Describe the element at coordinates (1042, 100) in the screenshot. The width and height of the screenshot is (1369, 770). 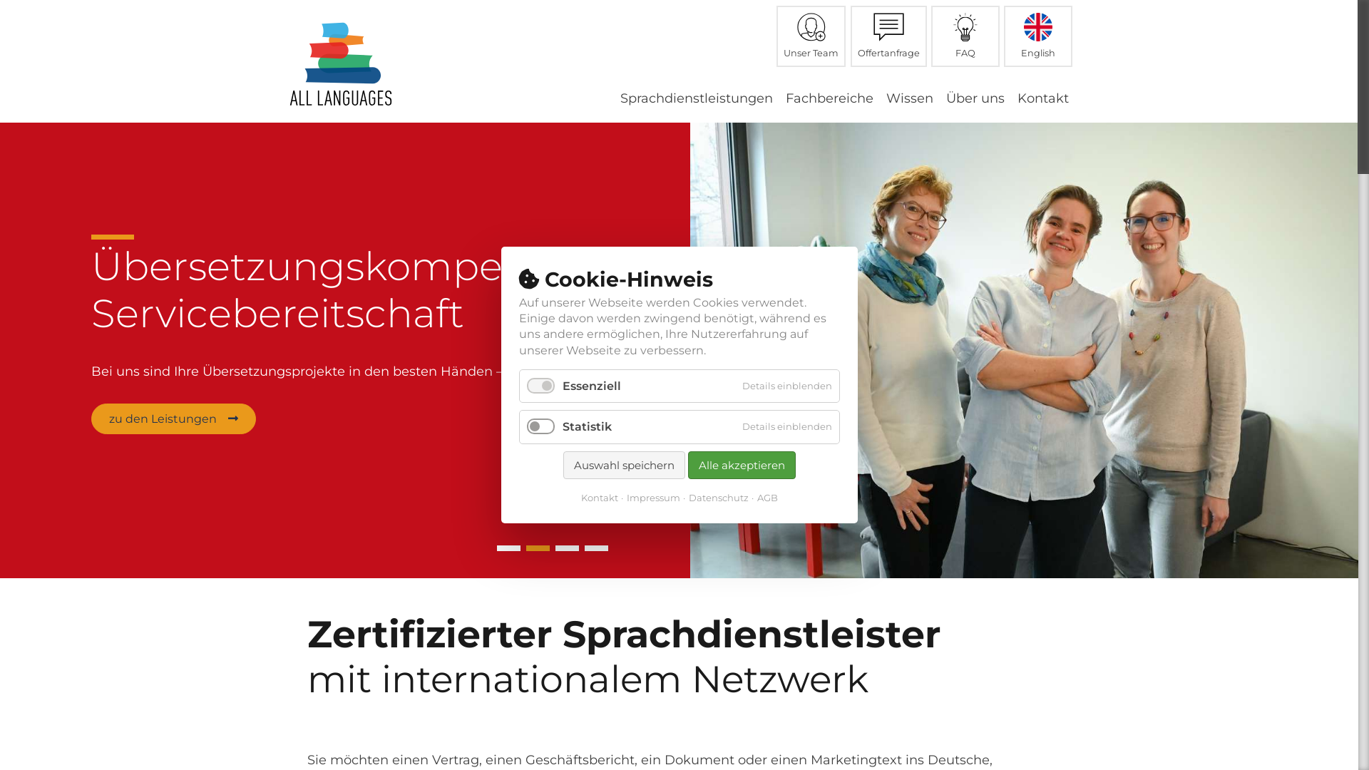
I see `'Kontakt'` at that location.